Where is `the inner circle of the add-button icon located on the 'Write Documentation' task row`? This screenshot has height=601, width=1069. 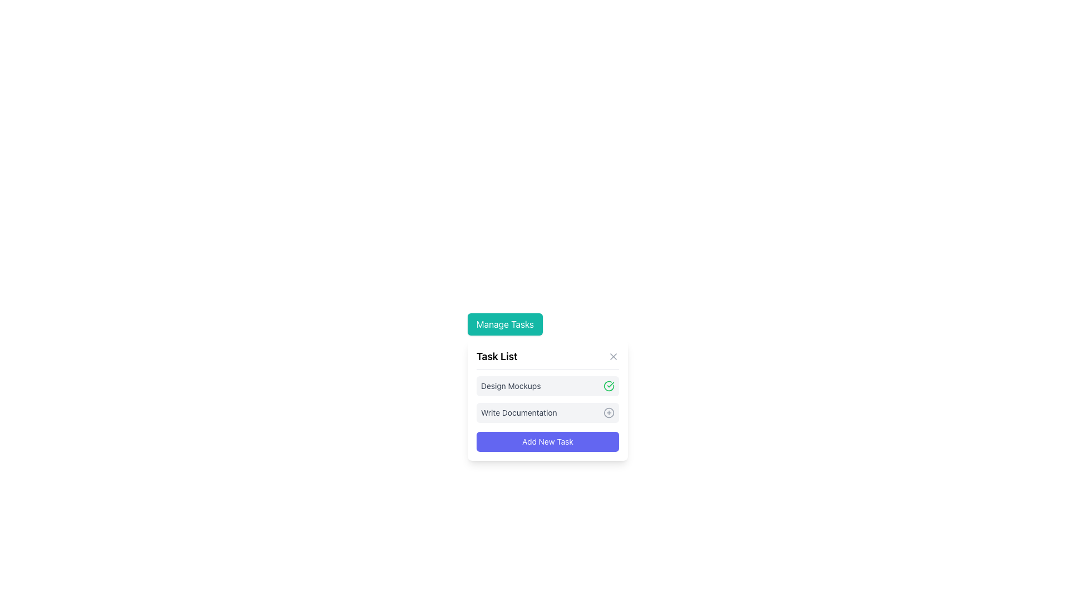 the inner circle of the add-button icon located on the 'Write Documentation' task row is located at coordinates (609, 412).